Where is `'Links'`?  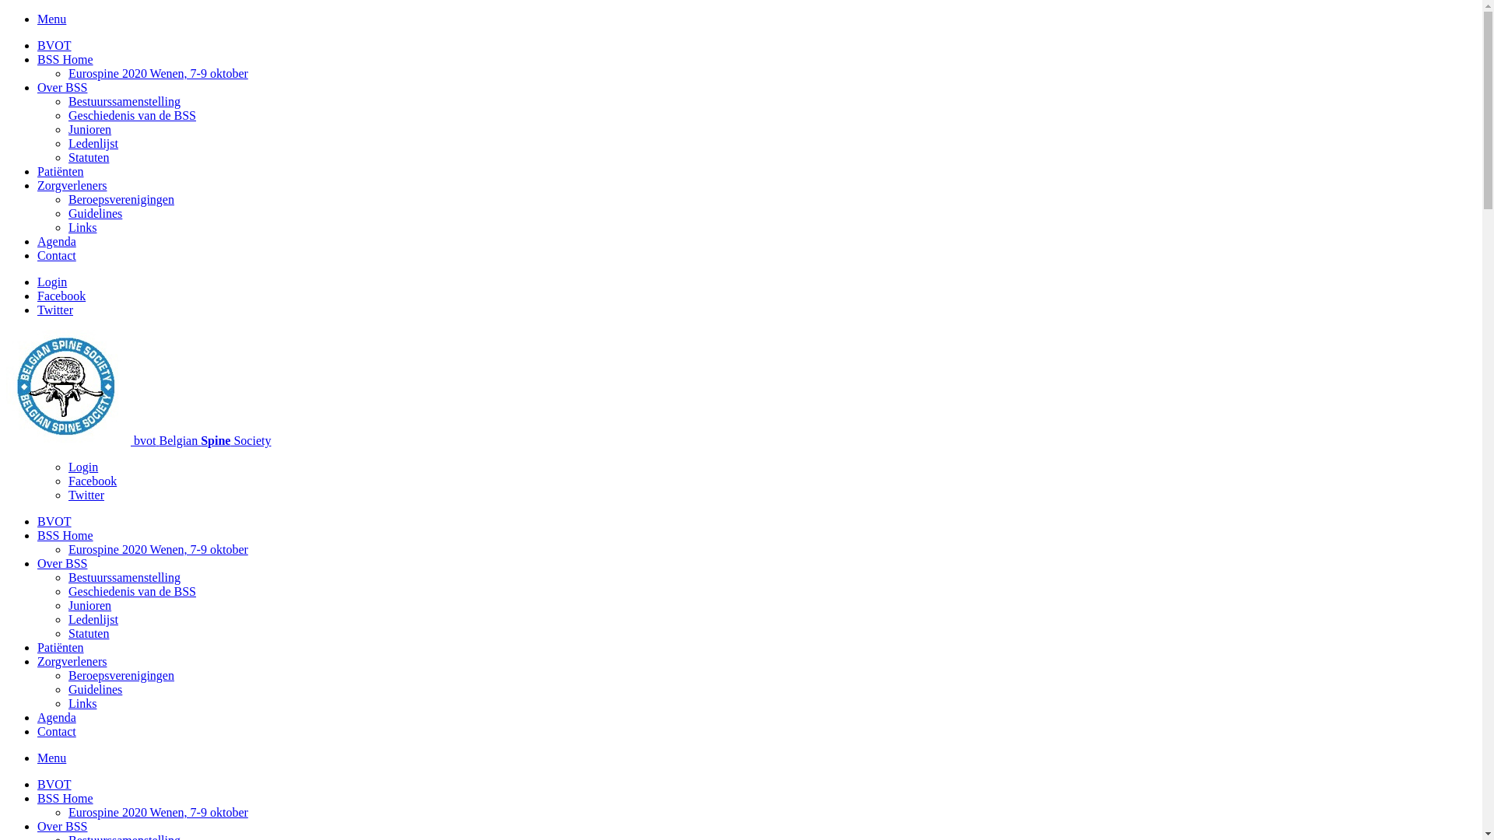 'Links' is located at coordinates (81, 703).